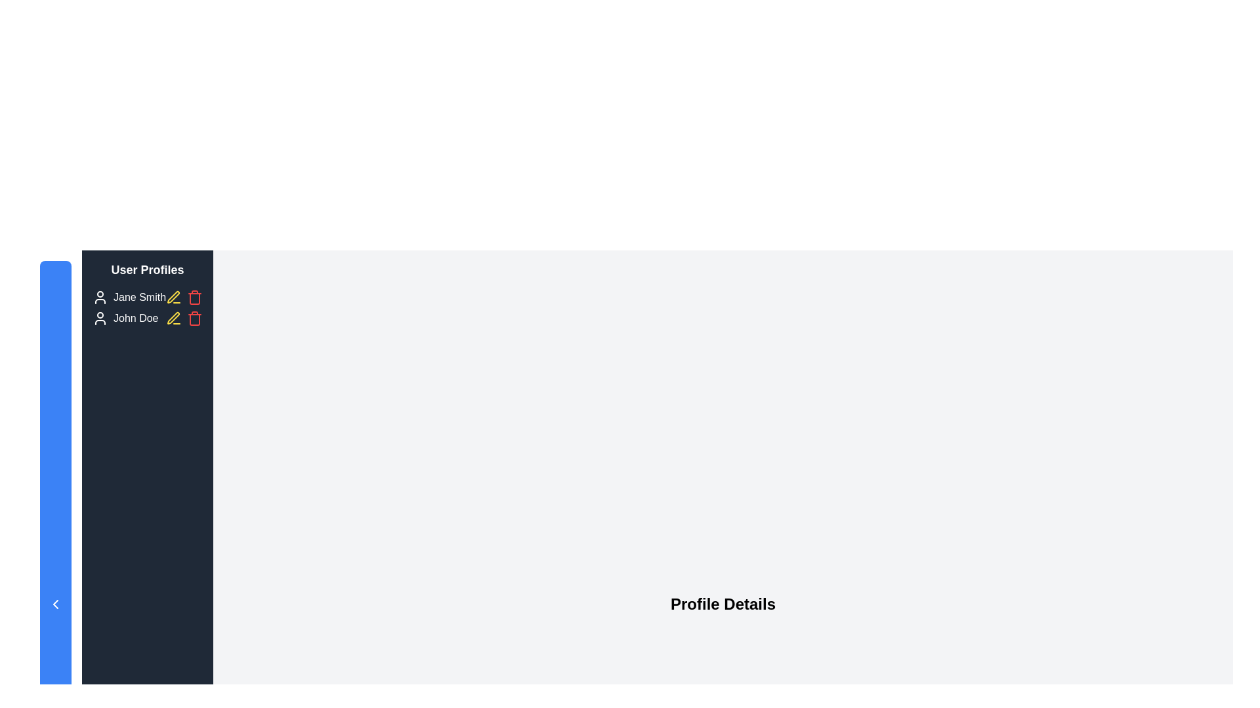 The image size is (1260, 708). What do you see at coordinates (55, 604) in the screenshot?
I see `the left-pointing chevron icon button for navigation or collapse located at the bottom section of the blue sidebar` at bounding box center [55, 604].